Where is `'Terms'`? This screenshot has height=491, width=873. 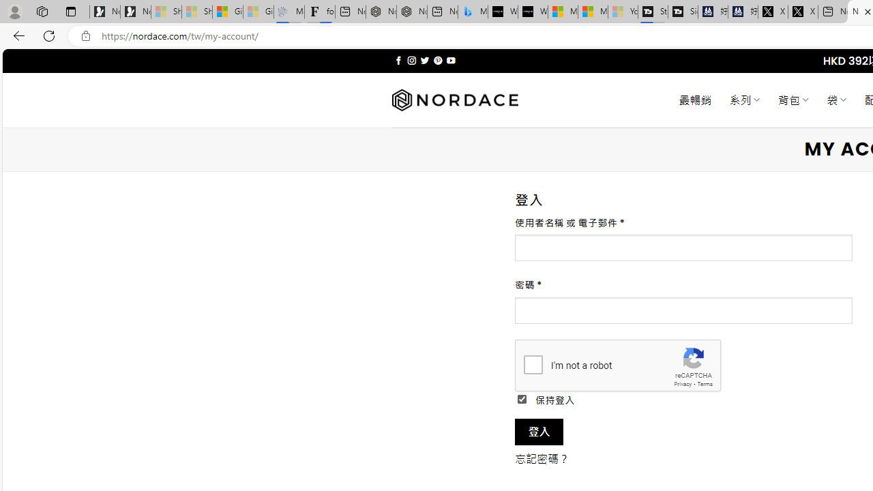
'Terms' is located at coordinates (705, 384).